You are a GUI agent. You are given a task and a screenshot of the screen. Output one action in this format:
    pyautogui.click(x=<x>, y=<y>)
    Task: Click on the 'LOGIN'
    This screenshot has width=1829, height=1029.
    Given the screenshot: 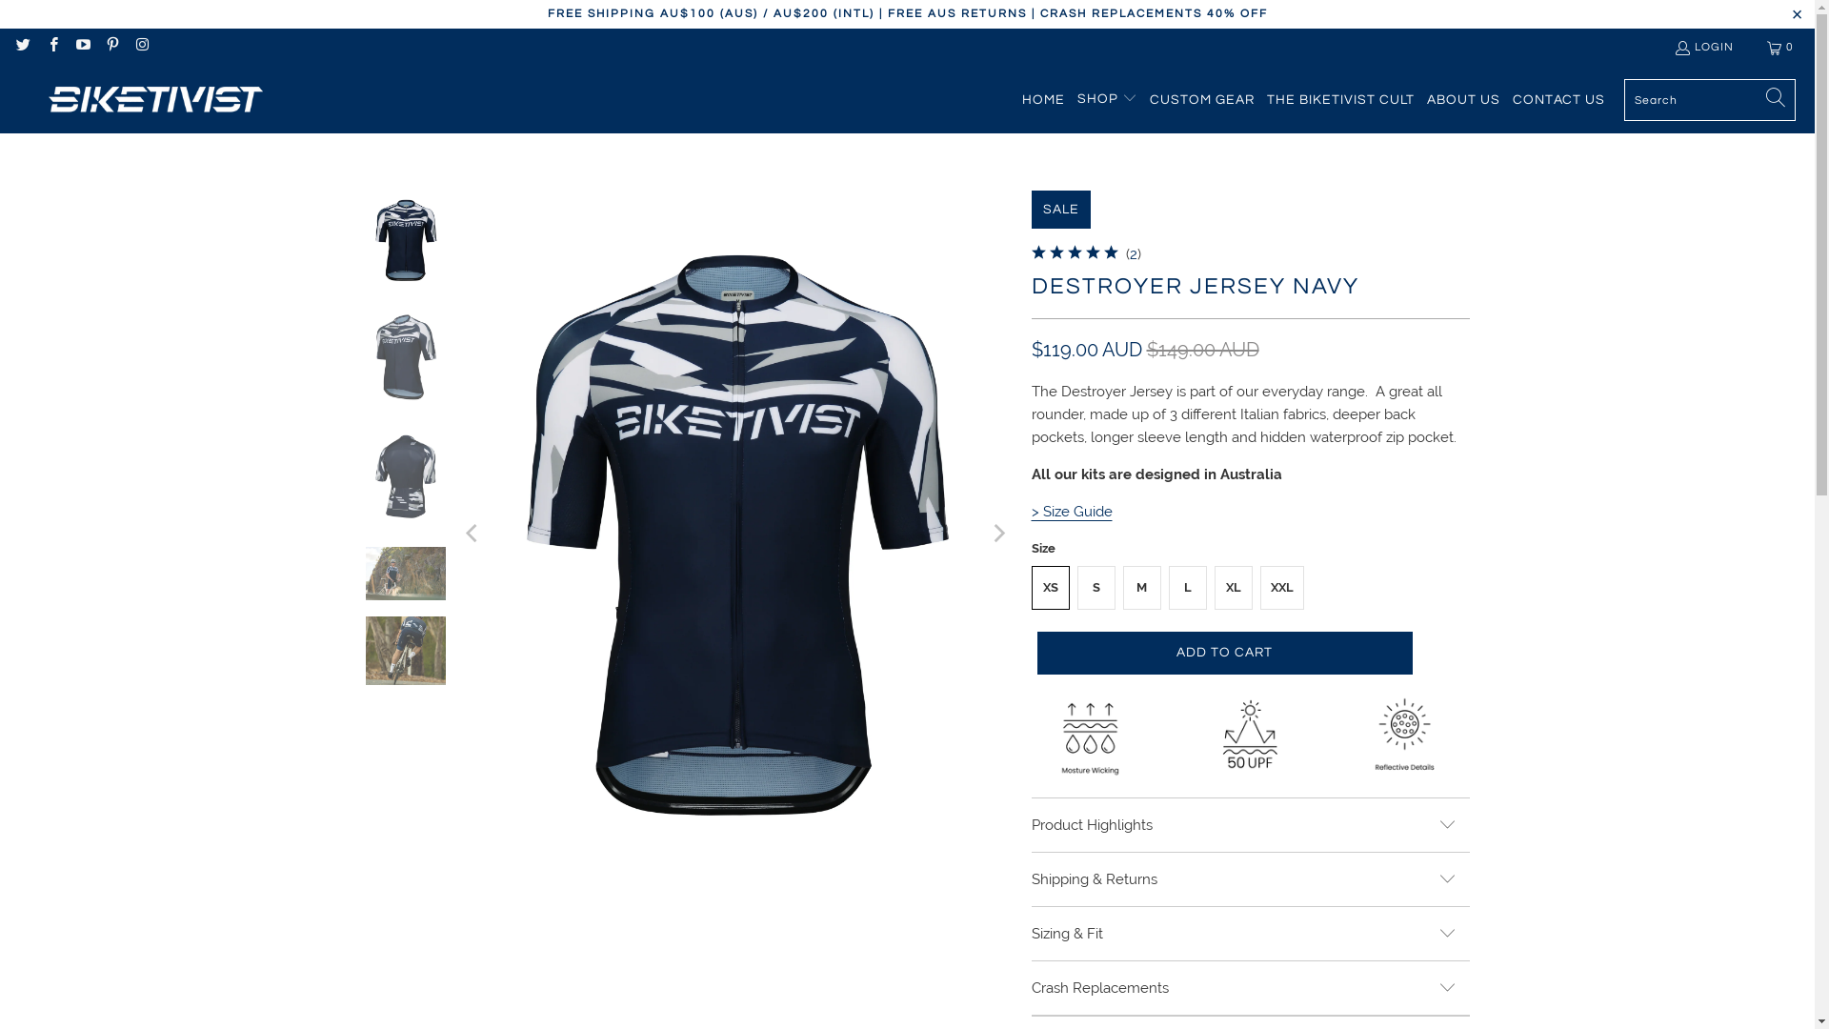 What is the action you would take?
    pyautogui.click(x=1703, y=47)
    